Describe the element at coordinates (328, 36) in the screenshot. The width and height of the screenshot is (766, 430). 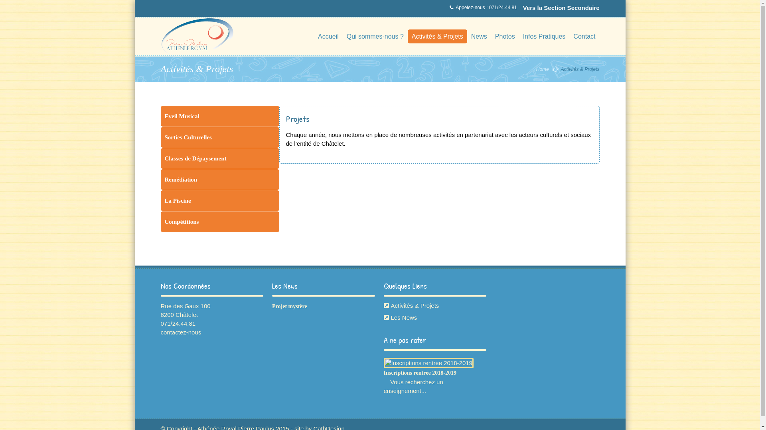
I see `'Accueil'` at that location.